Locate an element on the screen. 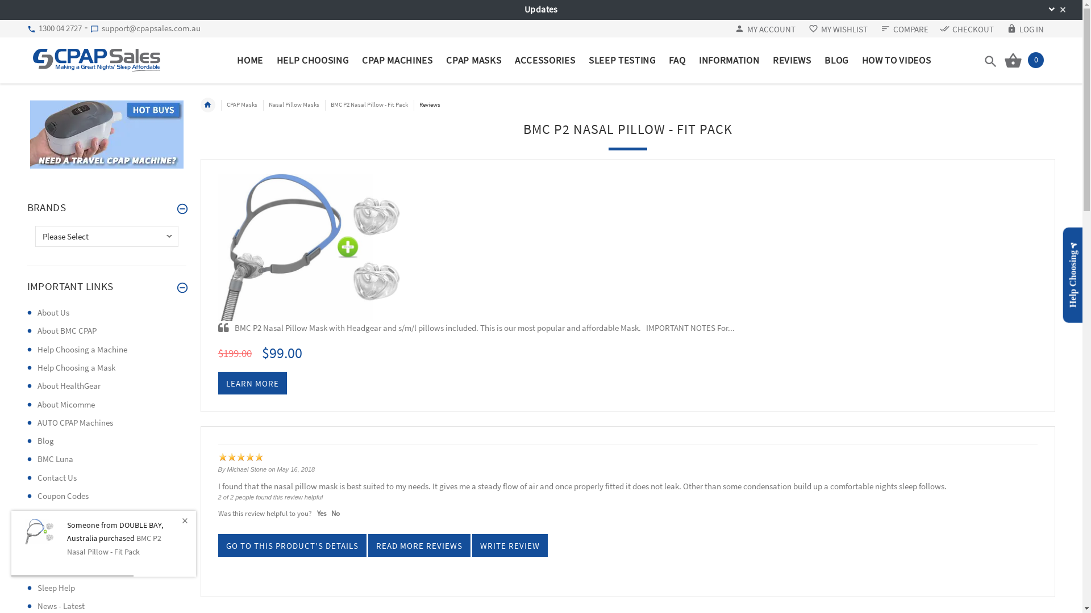 Image resolution: width=1091 pixels, height=613 pixels. 'MY WISHLIST' is located at coordinates (807, 28).